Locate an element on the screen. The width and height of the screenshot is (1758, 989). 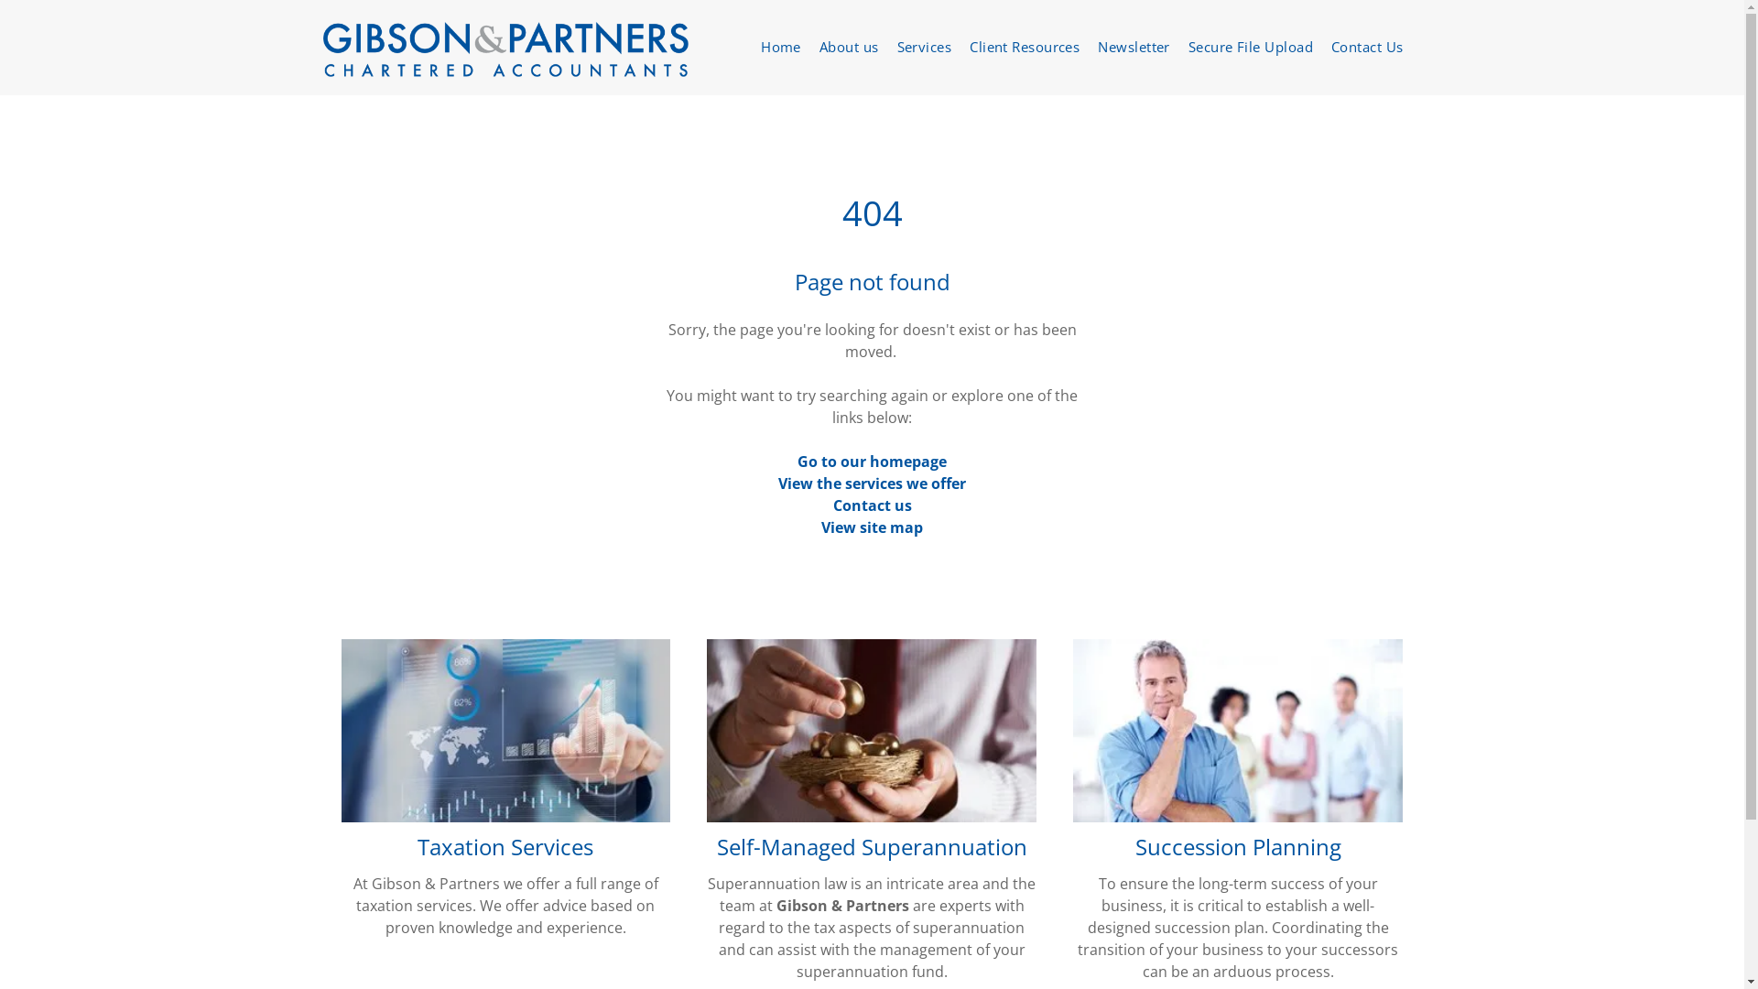
'About us' is located at coordinates (848, 46).